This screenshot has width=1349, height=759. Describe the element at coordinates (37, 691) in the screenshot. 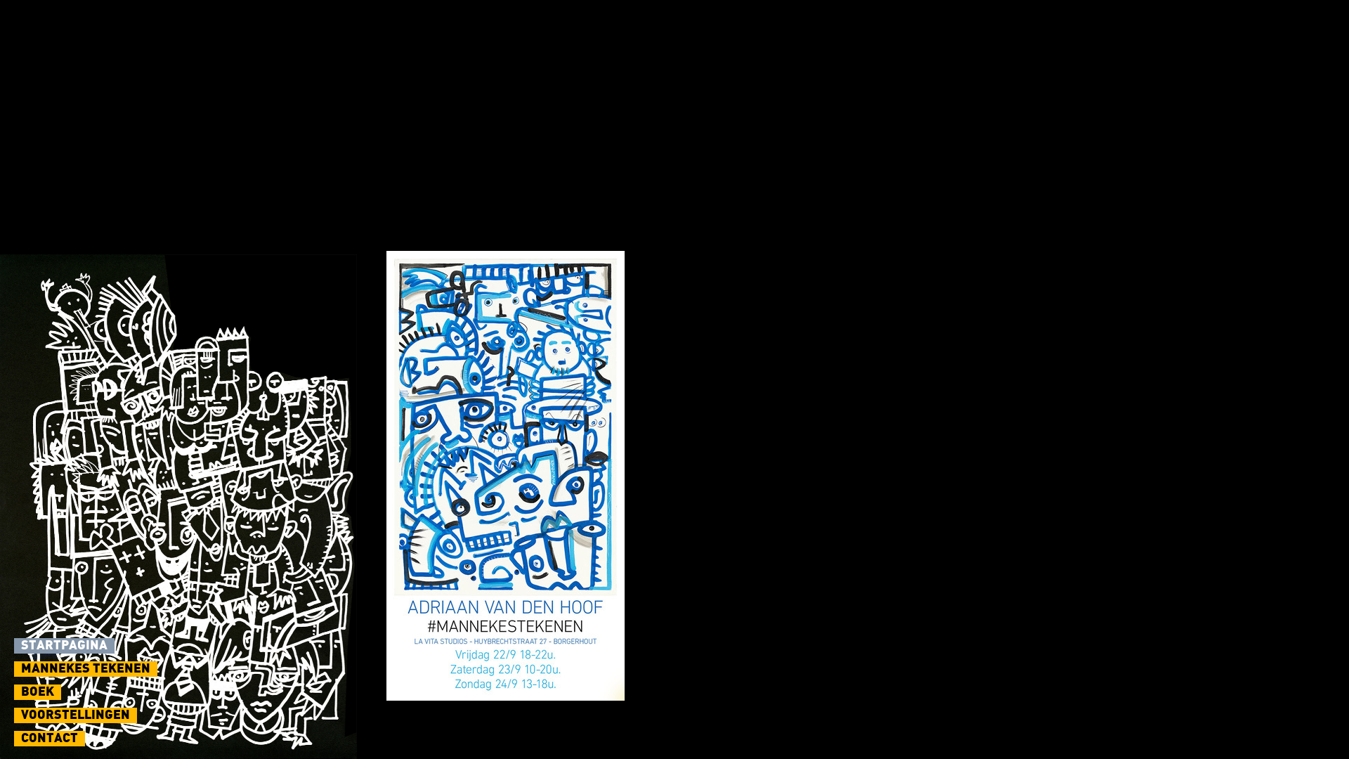

I see `'BOEK'` at that location.